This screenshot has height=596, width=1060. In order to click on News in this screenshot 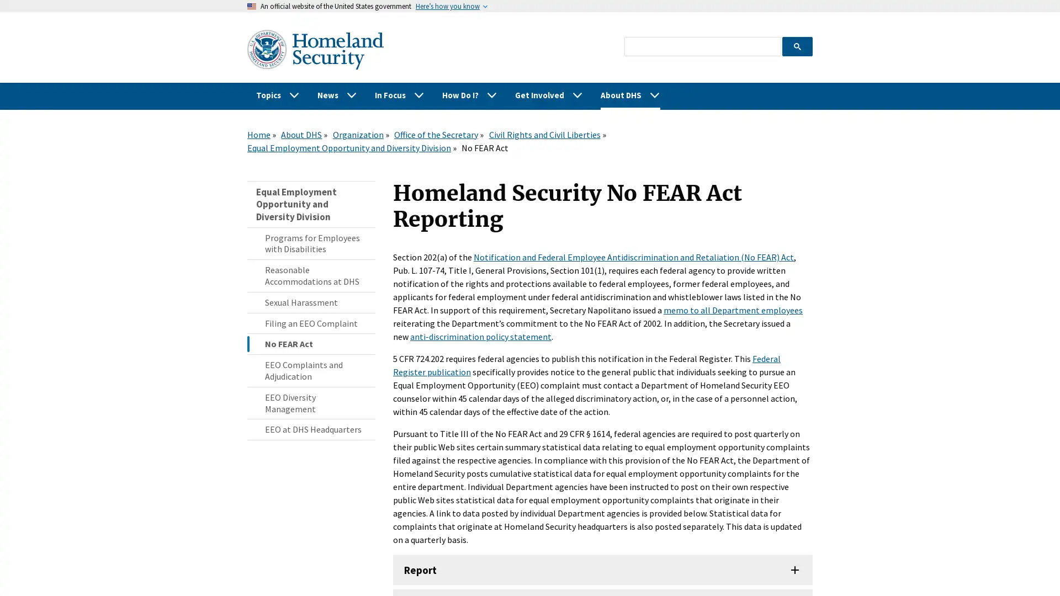, I will do `click(336, 94)`.